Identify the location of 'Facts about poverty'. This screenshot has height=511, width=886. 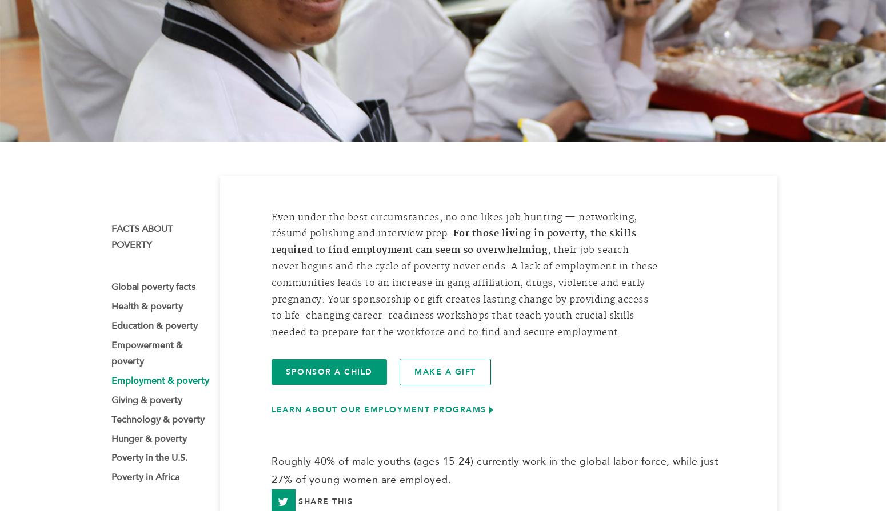
(142, 242).